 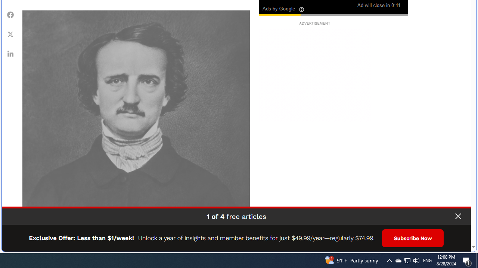 What do you see at coordinates (457, 216) in the screenshot?
I see `'Class: close-button unbutton'` at bounding box center [457, 216].